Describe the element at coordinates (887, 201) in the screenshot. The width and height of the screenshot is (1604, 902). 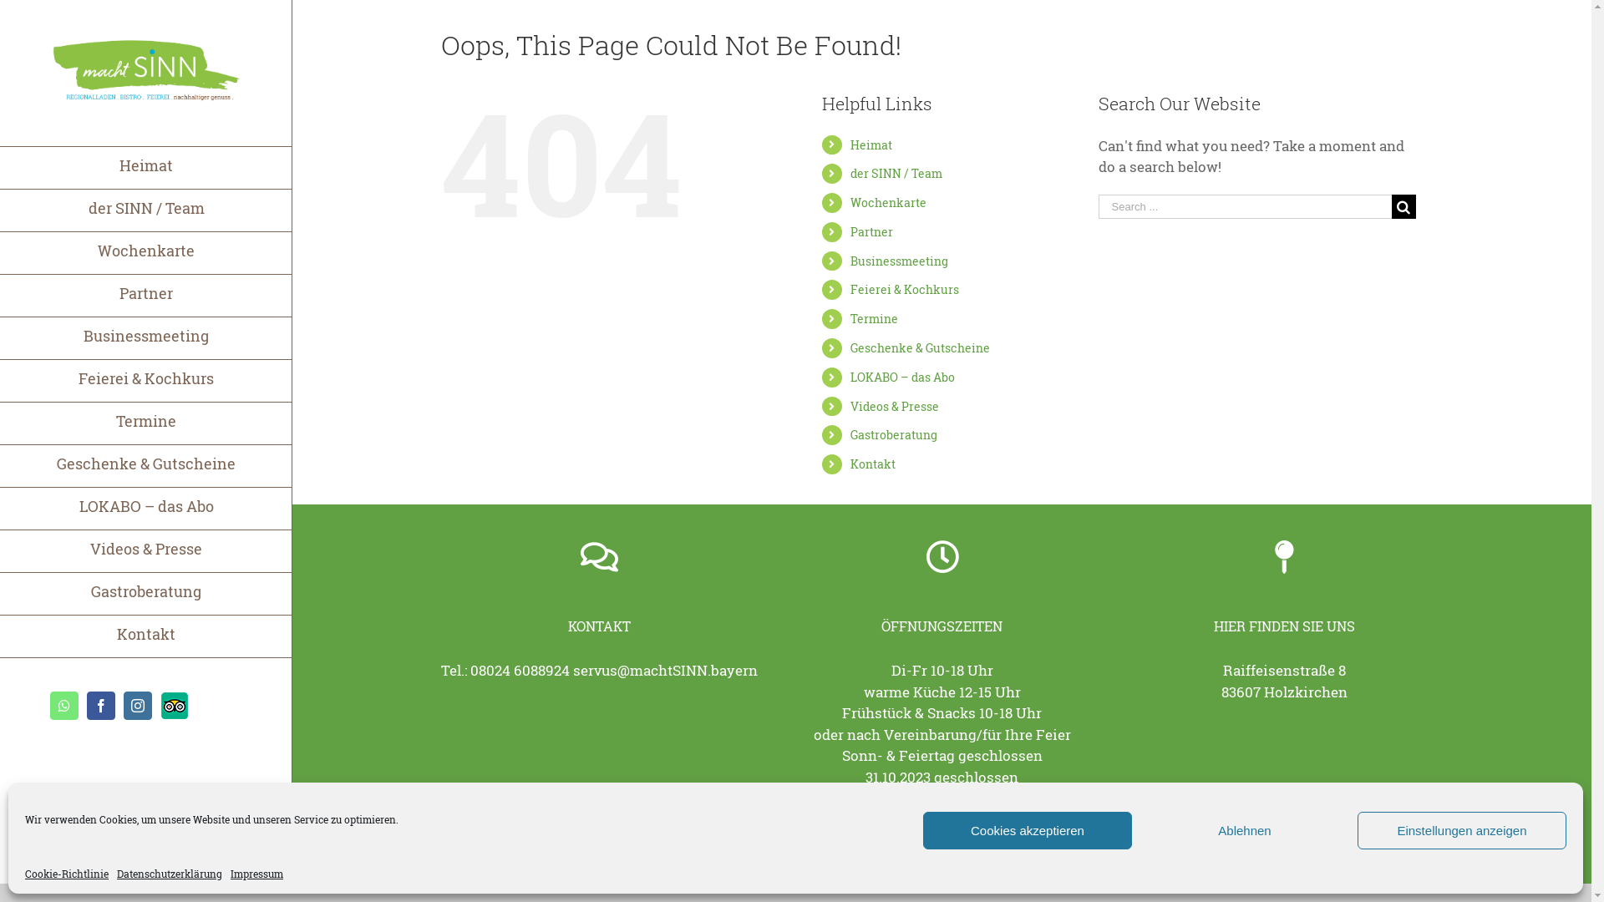
I see `'Wochenkarte'` at that location.